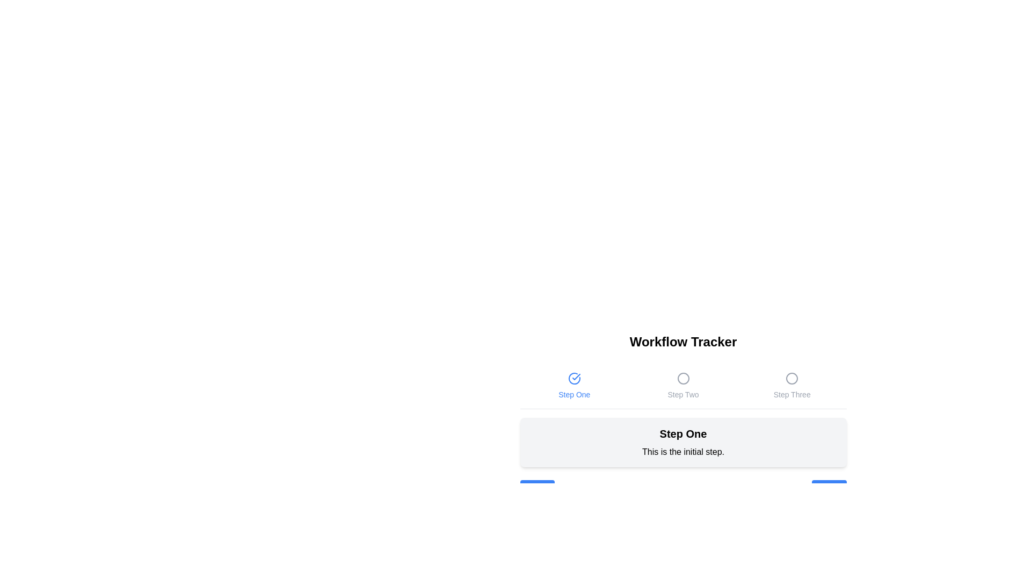  I want to click on to select the second step in the Workflow Tracker step indicator, which is currently inactive or unselected, so click(683, 385).